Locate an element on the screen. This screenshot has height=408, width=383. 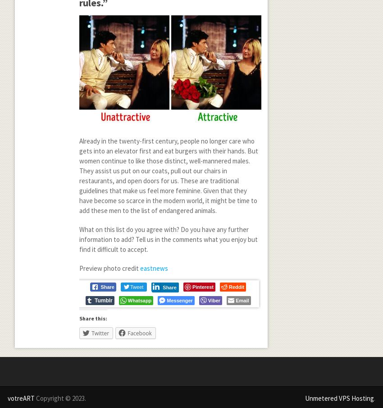
'Tweet' is located at coordinates (137, 286).